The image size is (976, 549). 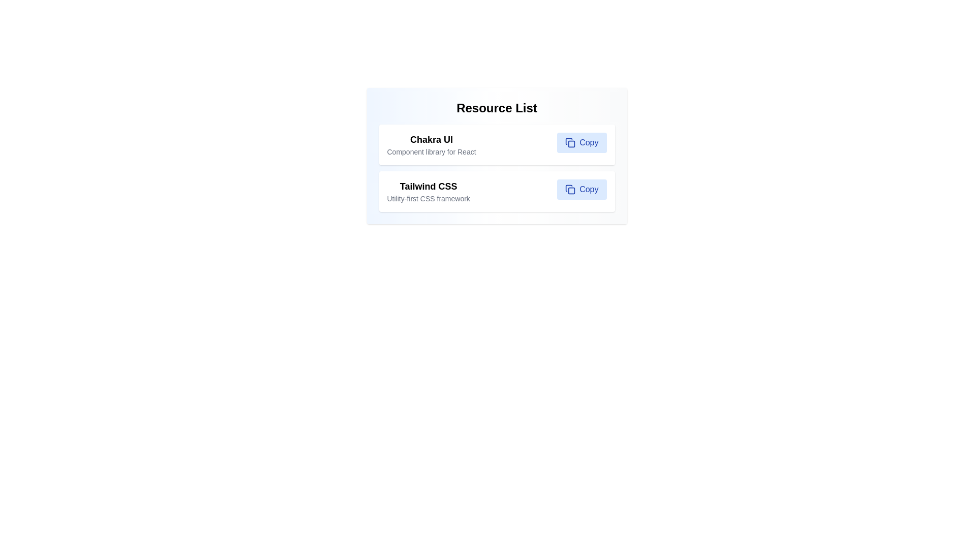 What do you see at coordinates (570, 190) in the screenshot?
I see `the 'Copy' button icon, which is represented by two overlapping squares, located to the right of the 'Tailwind CSS' entry` at bounding box center [570, 190].